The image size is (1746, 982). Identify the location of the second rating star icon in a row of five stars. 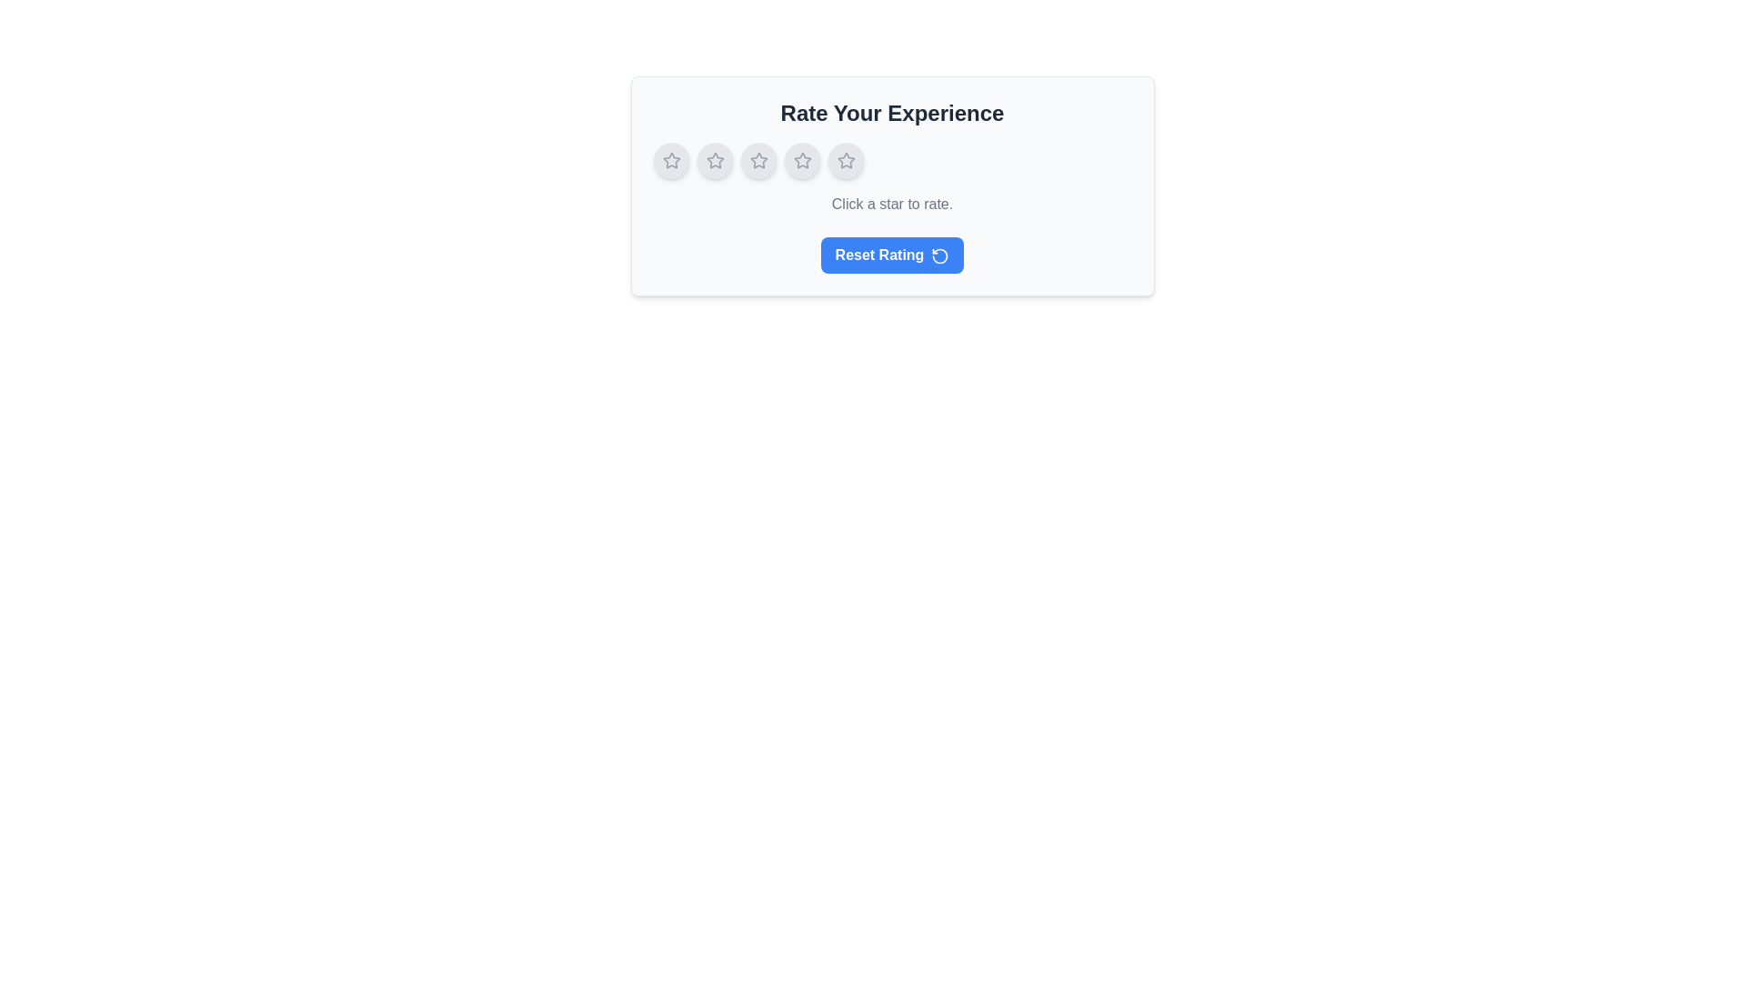
(758, 159).